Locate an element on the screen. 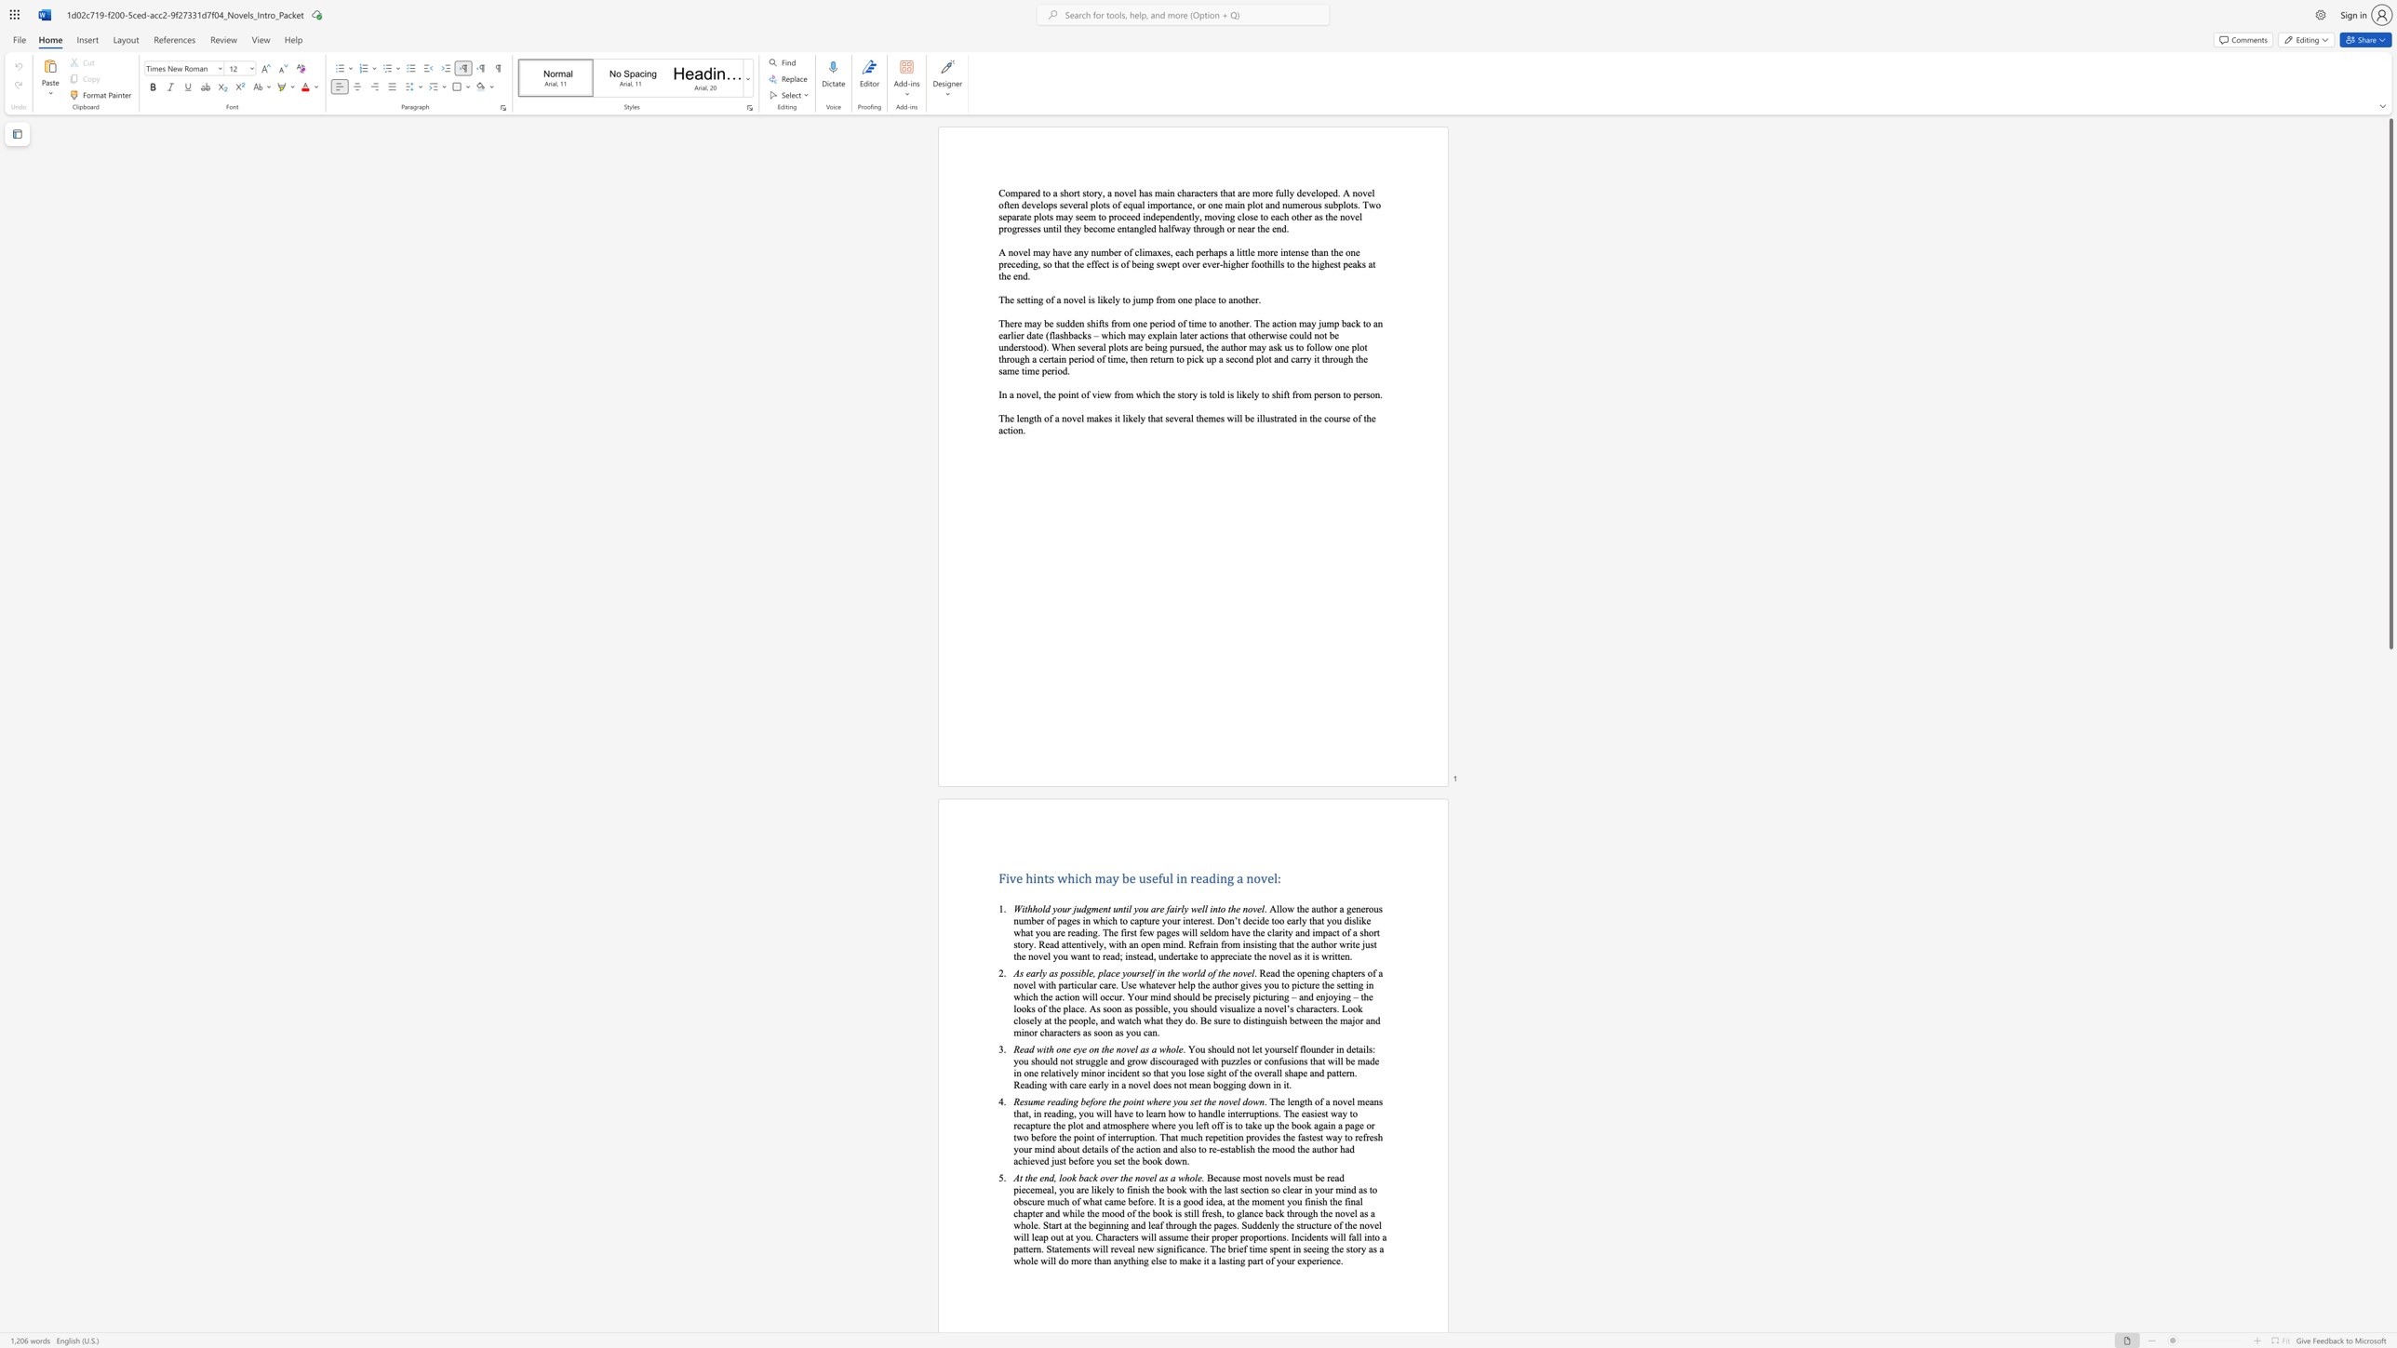 The height and width of the screenshot is (1348, 2397). the subset text "novel" within the text "Withhold your judgment until you are fairly well into the novel" is located at coordinates (1242, 909).